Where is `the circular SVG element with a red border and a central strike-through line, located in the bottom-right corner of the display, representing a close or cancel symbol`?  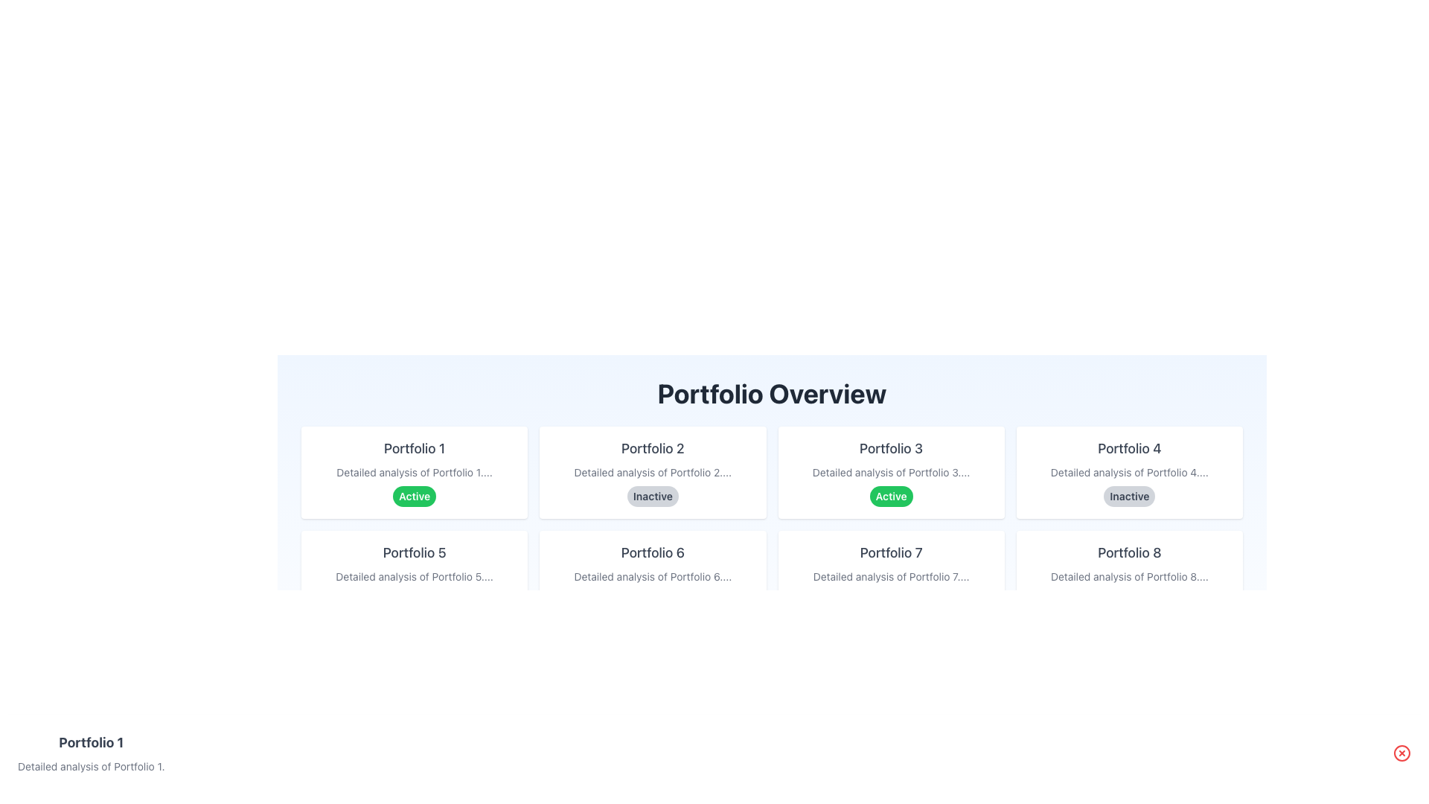 the circular SVG element with a red border and a central strike-through line, located in the bottom-right corner of the display, representing a close or cancel symbol is located at coordinates (1401, 753).